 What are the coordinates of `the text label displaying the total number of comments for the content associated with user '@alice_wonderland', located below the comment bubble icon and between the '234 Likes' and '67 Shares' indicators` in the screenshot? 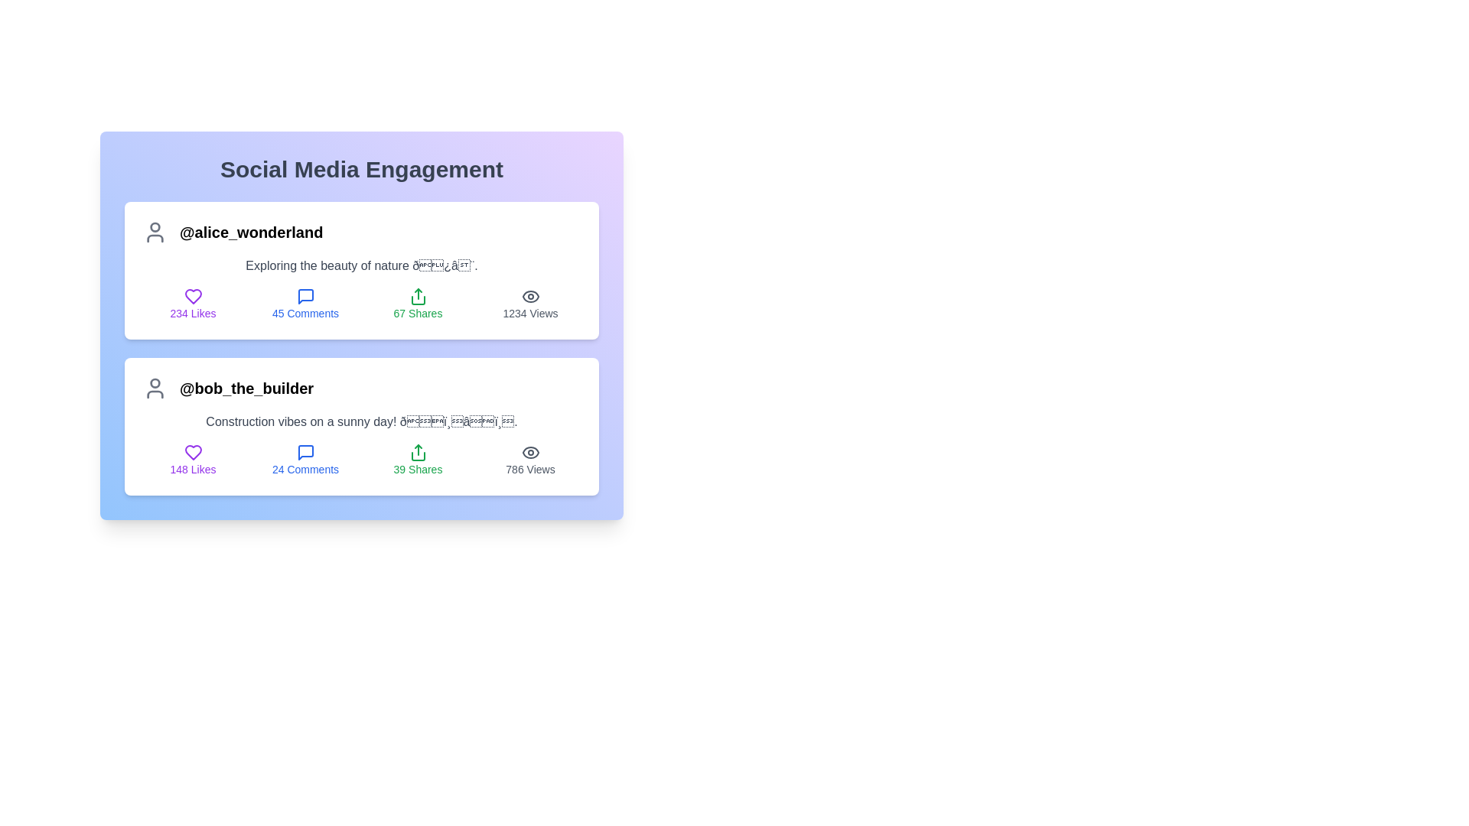 It's located at (305, 312).